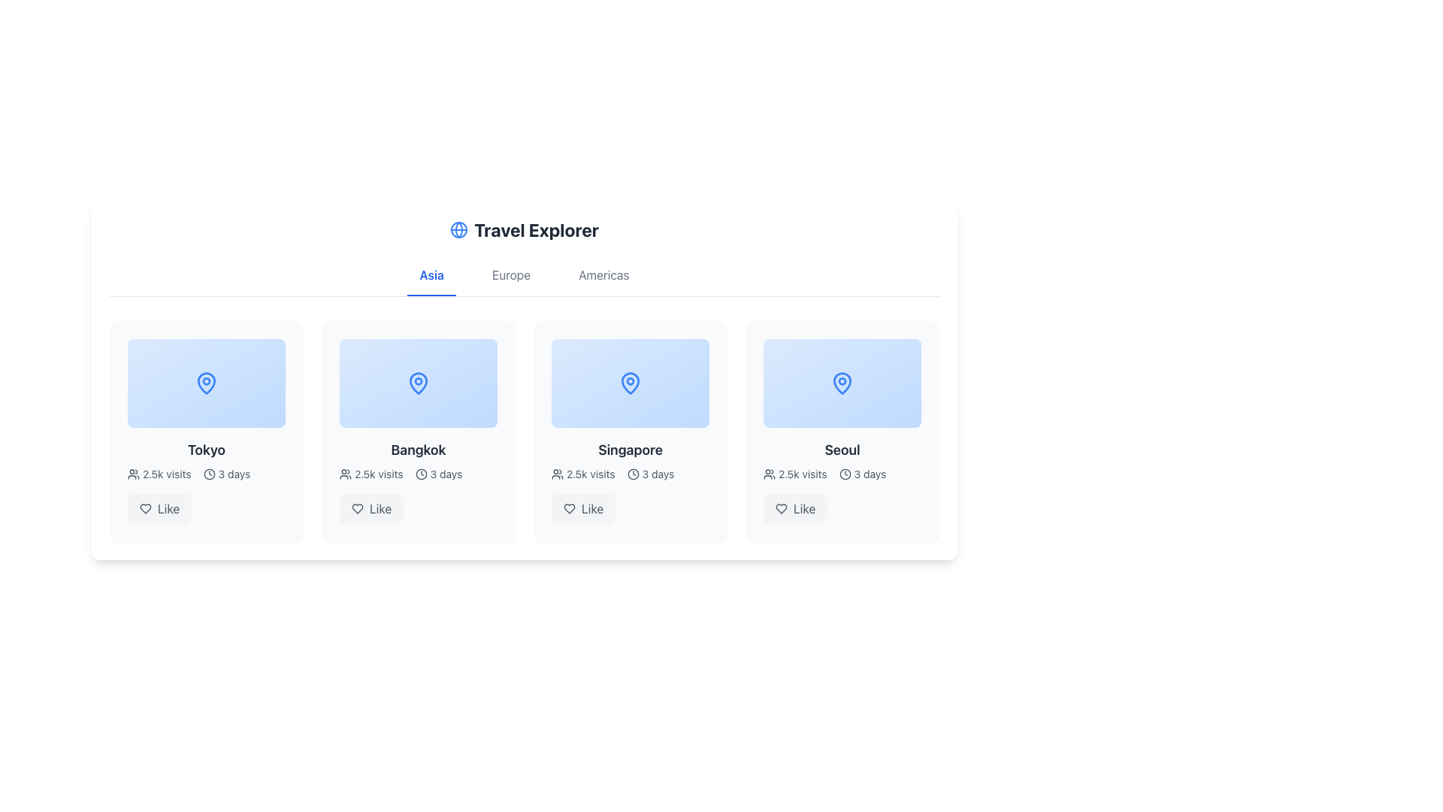 This screenshot has height=812, width=1443. Describe the element at coordinates (418, 382) in the screenshot. I see `the marker pin icon located within the card showcasing the destination 'Bangkok', which is represented by a blue pin icon against a light blue background` at that location.